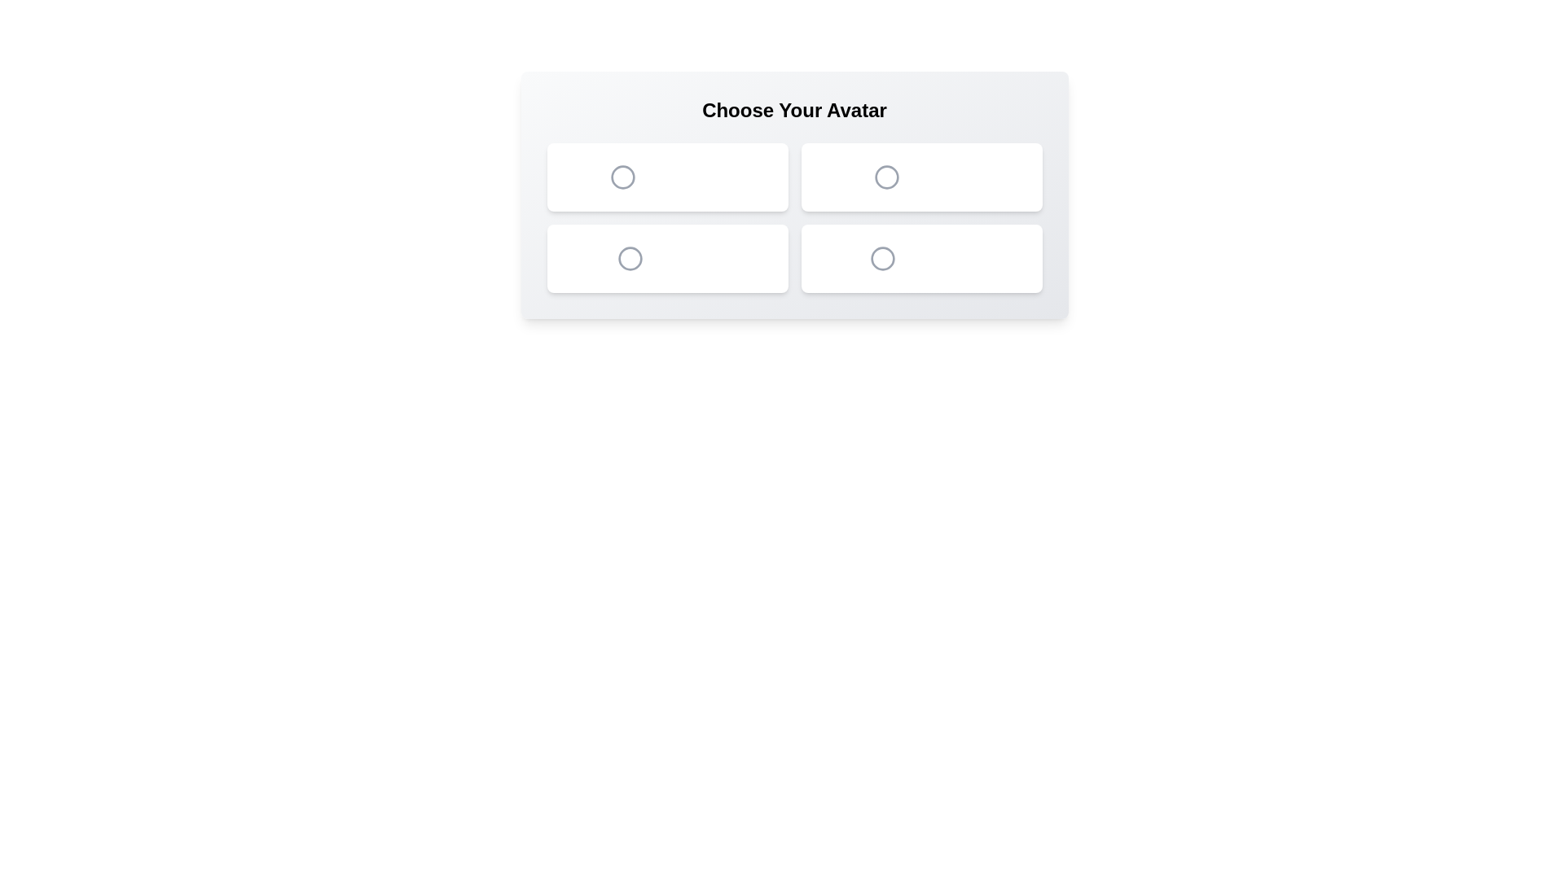 The height and width of the screenshot is (879, 1564). I want to click on the 'Innovator' button located at the bottom-right of the grid layout, so click(921, 257).